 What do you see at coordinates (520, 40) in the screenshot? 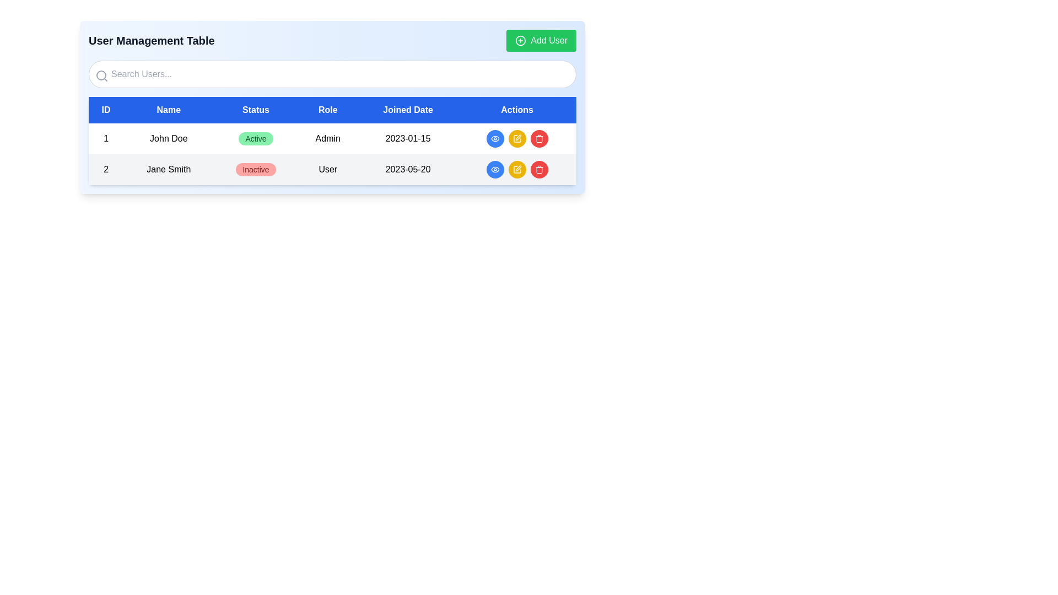
I see `the circular 'Add' icon with a plus sign inside, located to the left of the 'Add User' text in the green rectangular button at the top-right corner of the interface` at bounding box center [520, 40].